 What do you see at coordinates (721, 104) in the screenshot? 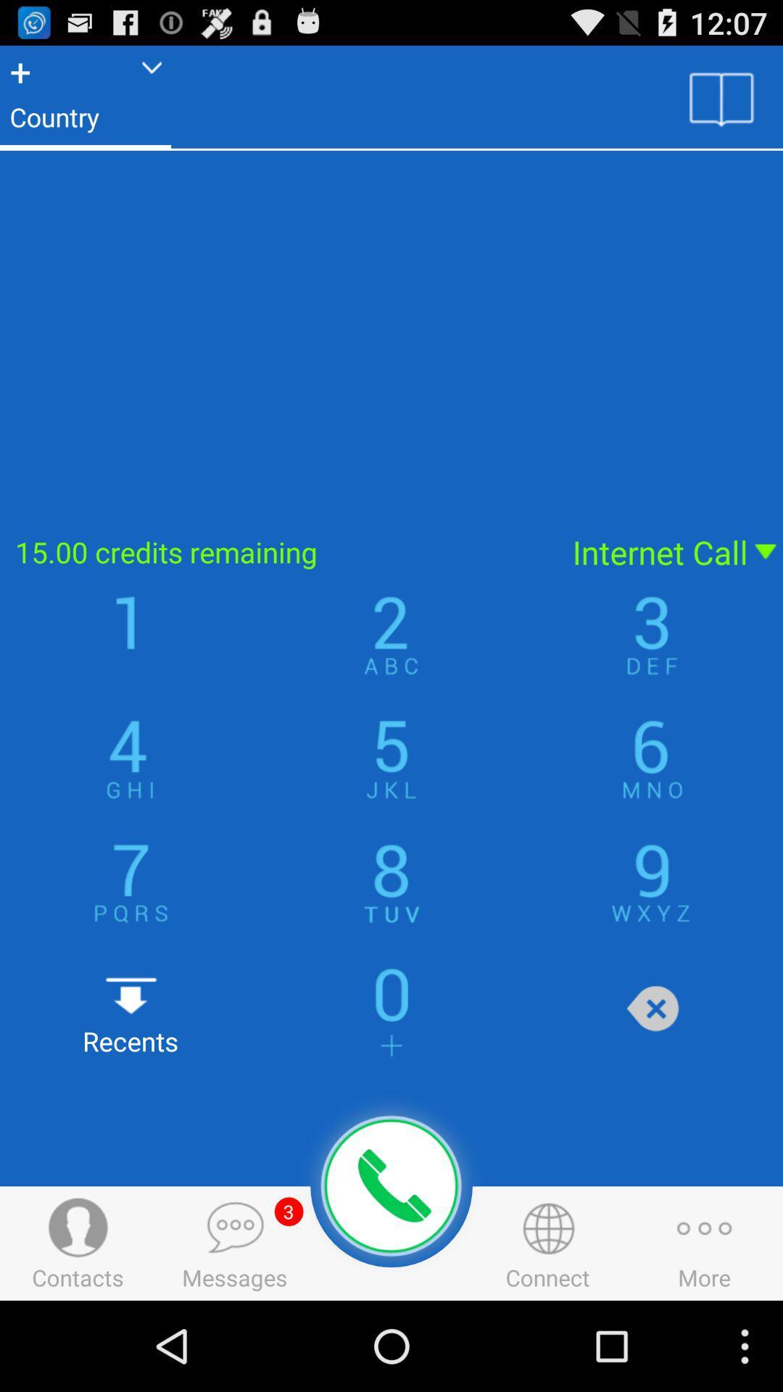
I see `the book icon` at bounding box center [721, 104].